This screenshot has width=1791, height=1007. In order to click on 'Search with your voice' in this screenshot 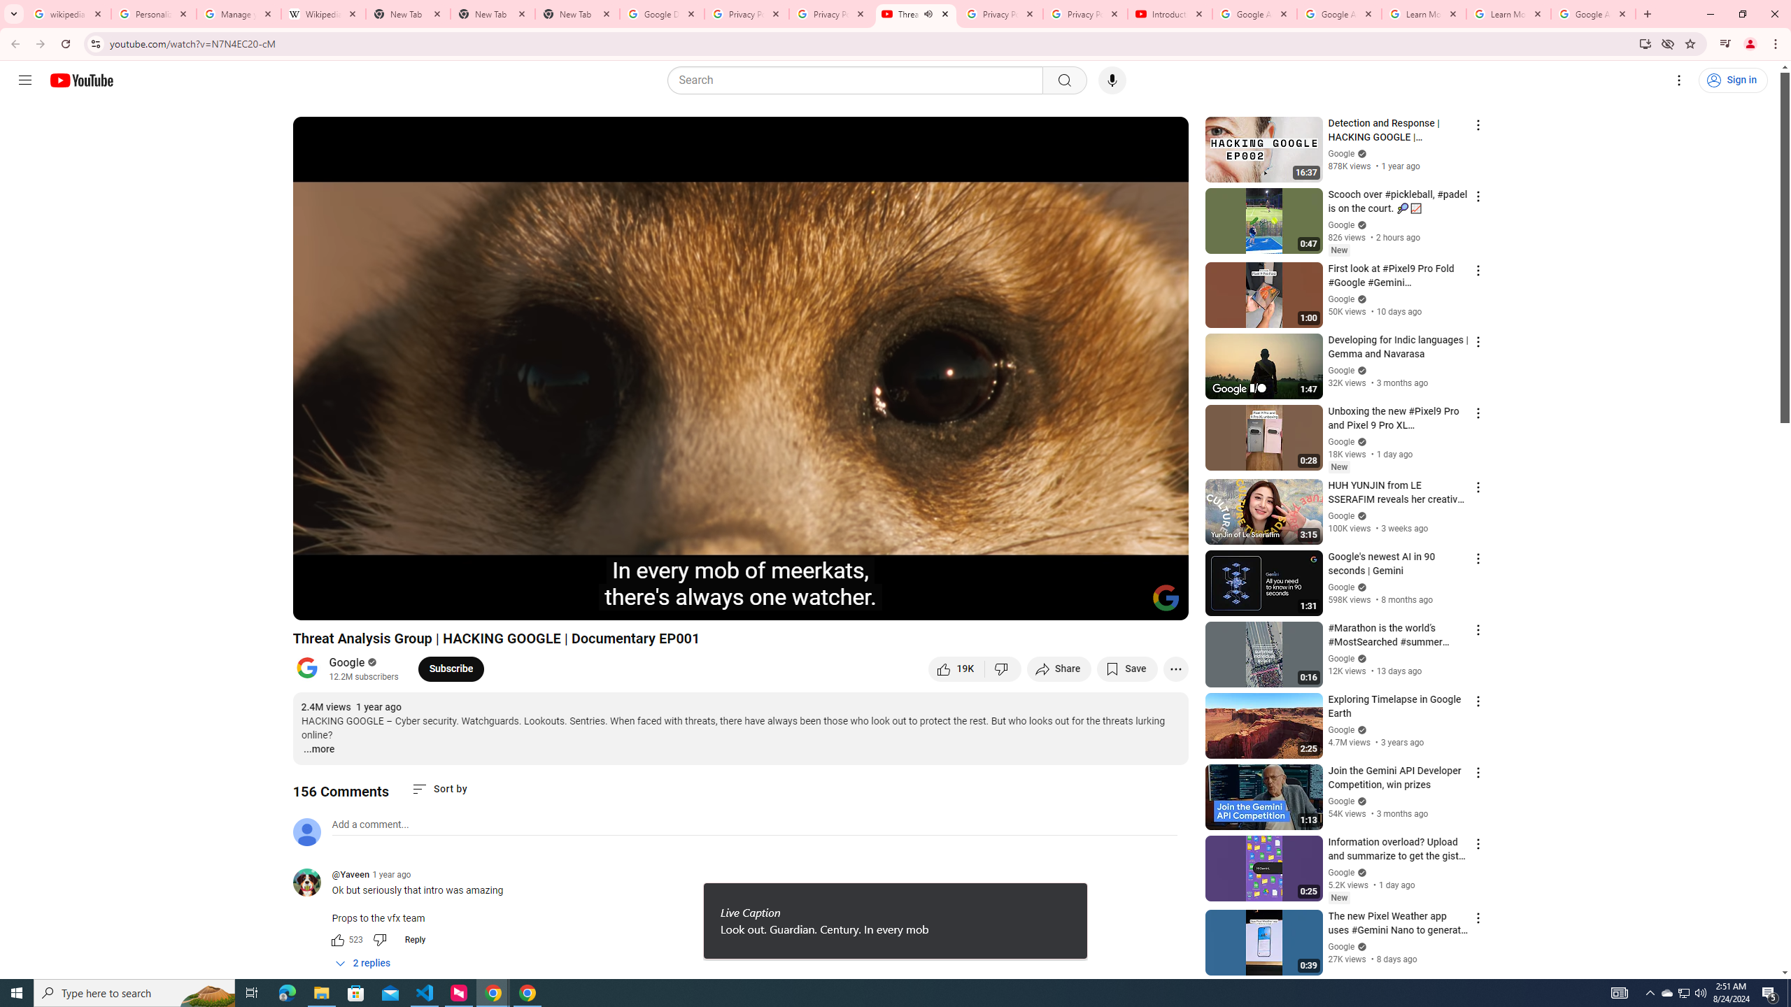, I will do `click(1112, 80)`.